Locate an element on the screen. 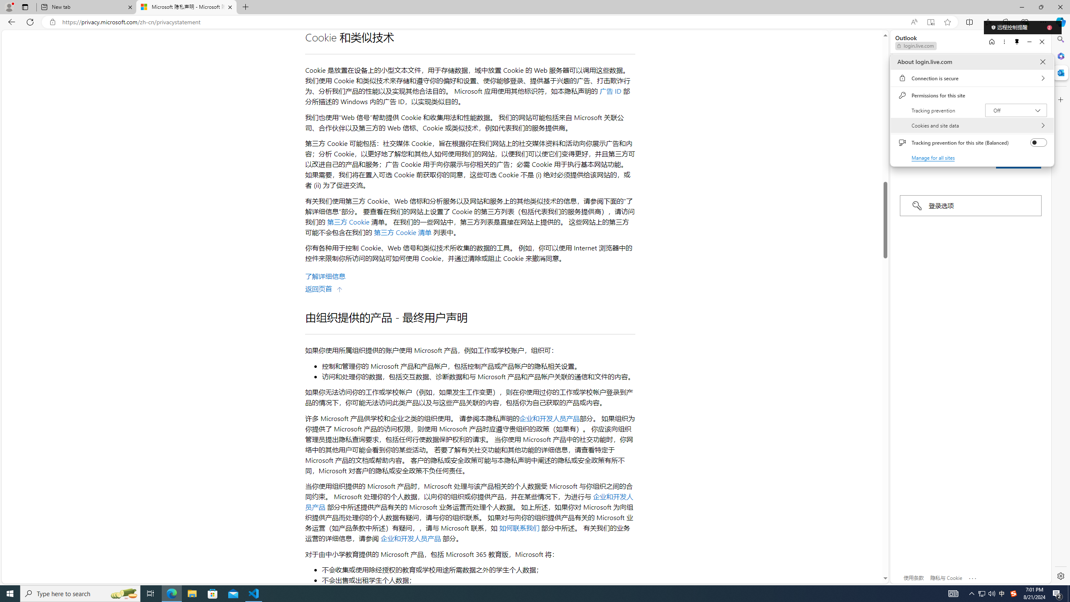  'Notification Chevron' is located at coordinates (971, 593).